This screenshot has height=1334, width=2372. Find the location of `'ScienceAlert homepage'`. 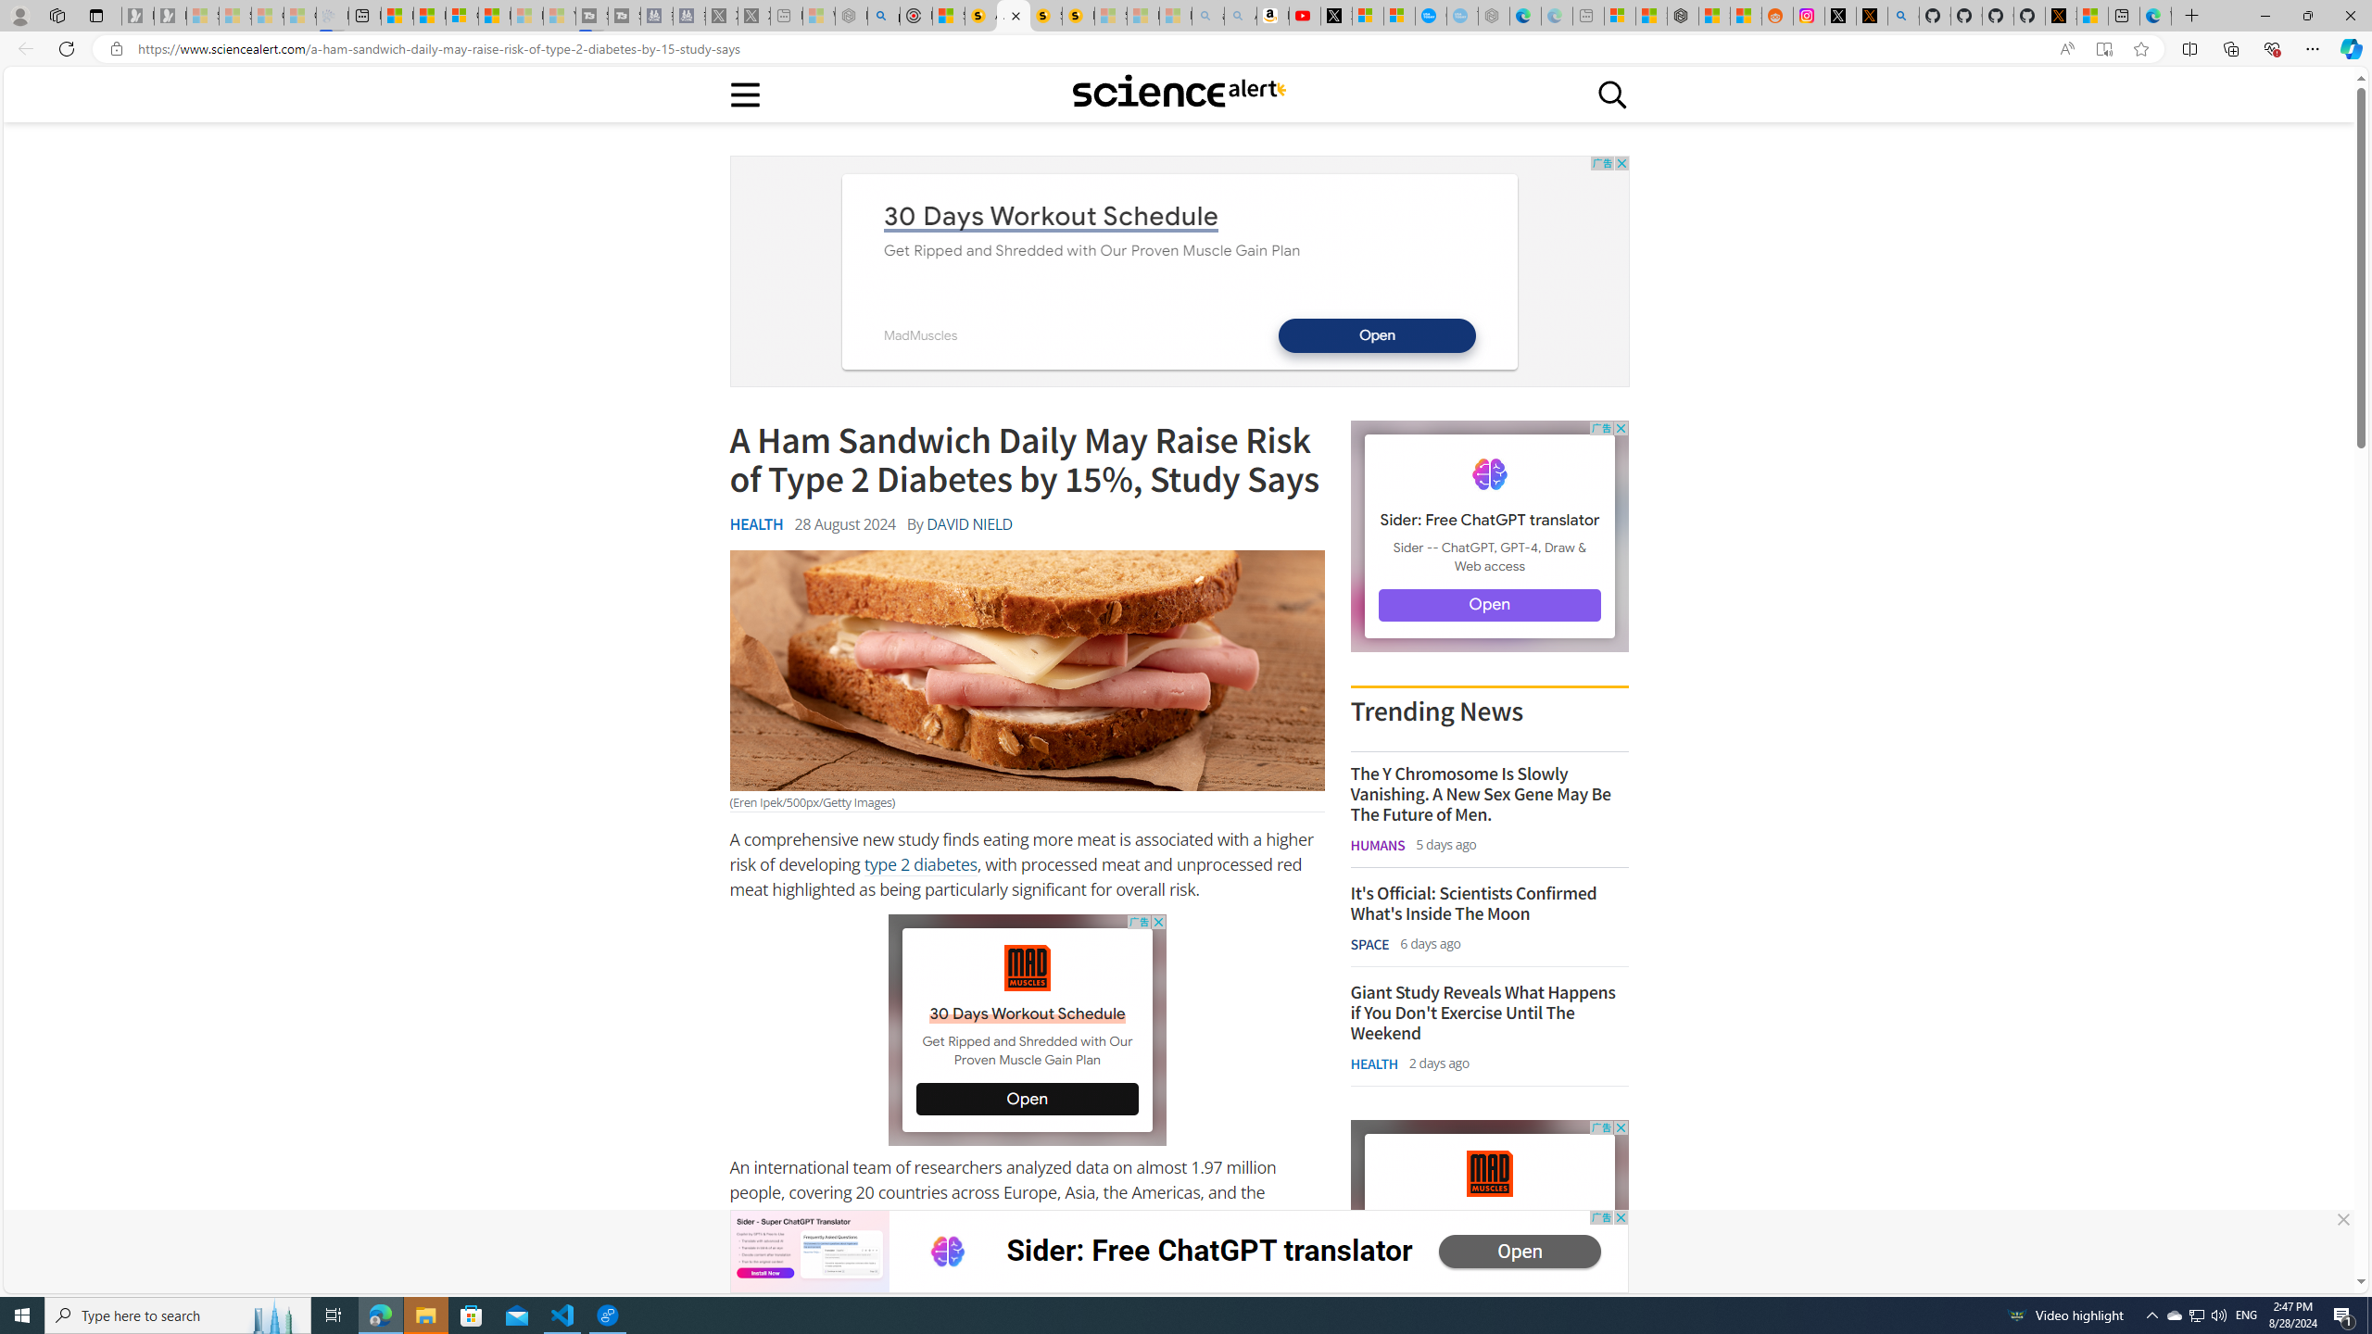

'ScienceAlert homepage' is located at coordinates (1178, 93).